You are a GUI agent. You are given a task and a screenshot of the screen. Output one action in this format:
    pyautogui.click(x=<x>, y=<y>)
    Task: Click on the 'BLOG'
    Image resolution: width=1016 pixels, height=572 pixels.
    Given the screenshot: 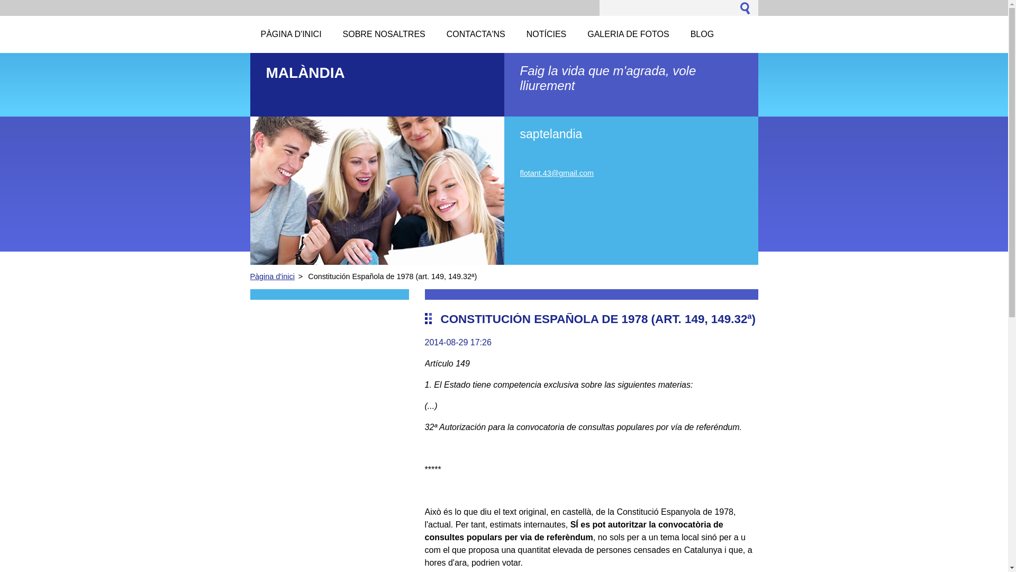 What is the action you would take?
    pyautogui.click(x=702, y=34)
    